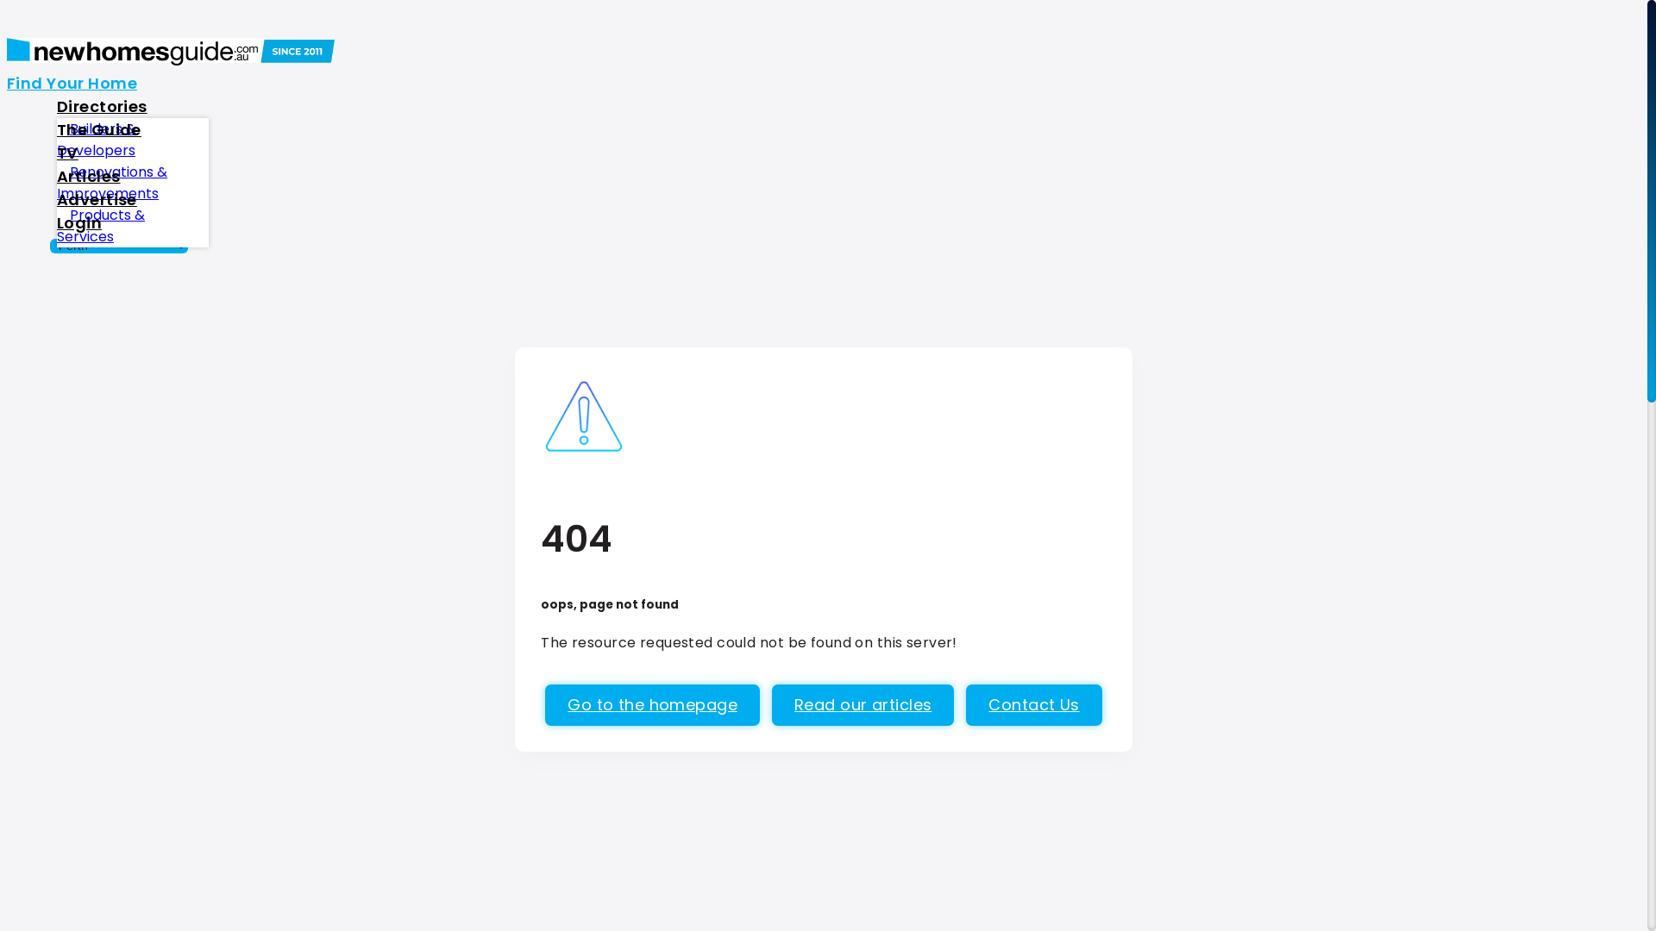  What do you see at coordinates (98, 128) in the screenshot?
I see `'The Guide'` at bounding box center [98, 128].